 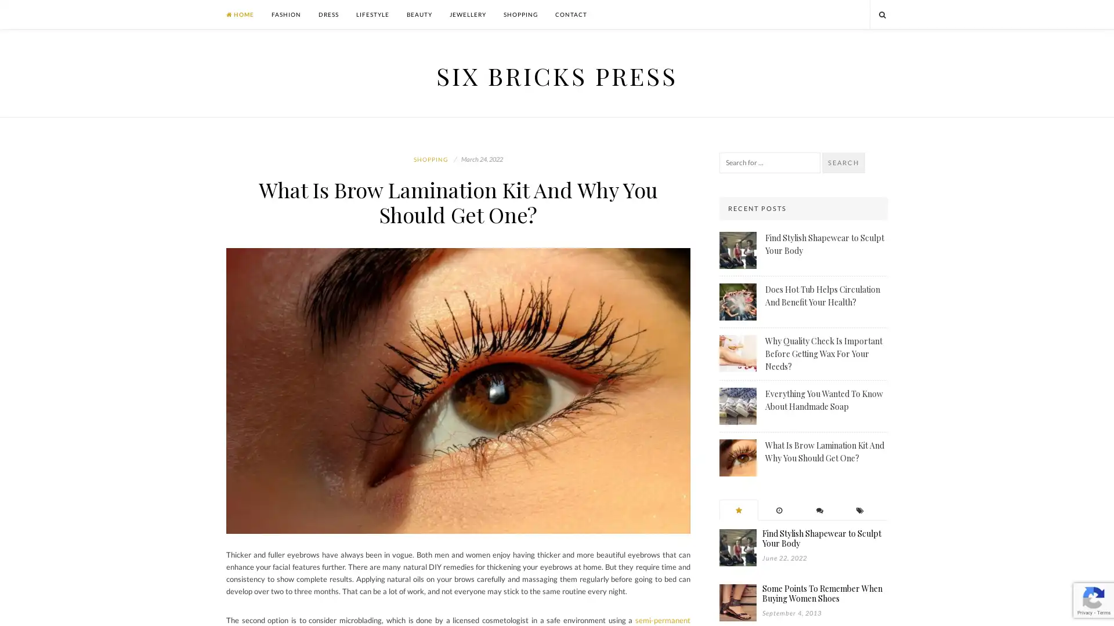 What do you see at coordinates (844, 163) in the screenshot?
I see `SEARCH` at bounding box center [844, 163].